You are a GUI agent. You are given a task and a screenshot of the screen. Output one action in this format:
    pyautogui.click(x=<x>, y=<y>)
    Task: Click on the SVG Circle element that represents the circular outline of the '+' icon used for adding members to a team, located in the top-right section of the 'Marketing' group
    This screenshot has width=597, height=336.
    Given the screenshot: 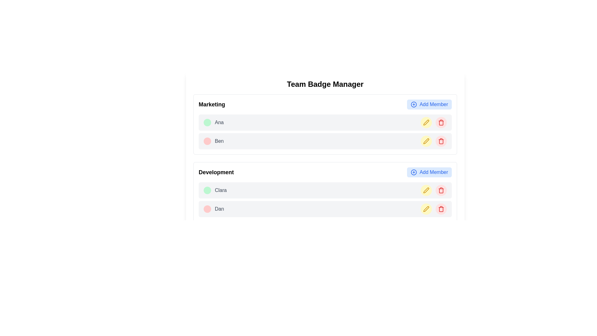 What is the action you would take?
    pyautogui.click(x=414, y=104)
    